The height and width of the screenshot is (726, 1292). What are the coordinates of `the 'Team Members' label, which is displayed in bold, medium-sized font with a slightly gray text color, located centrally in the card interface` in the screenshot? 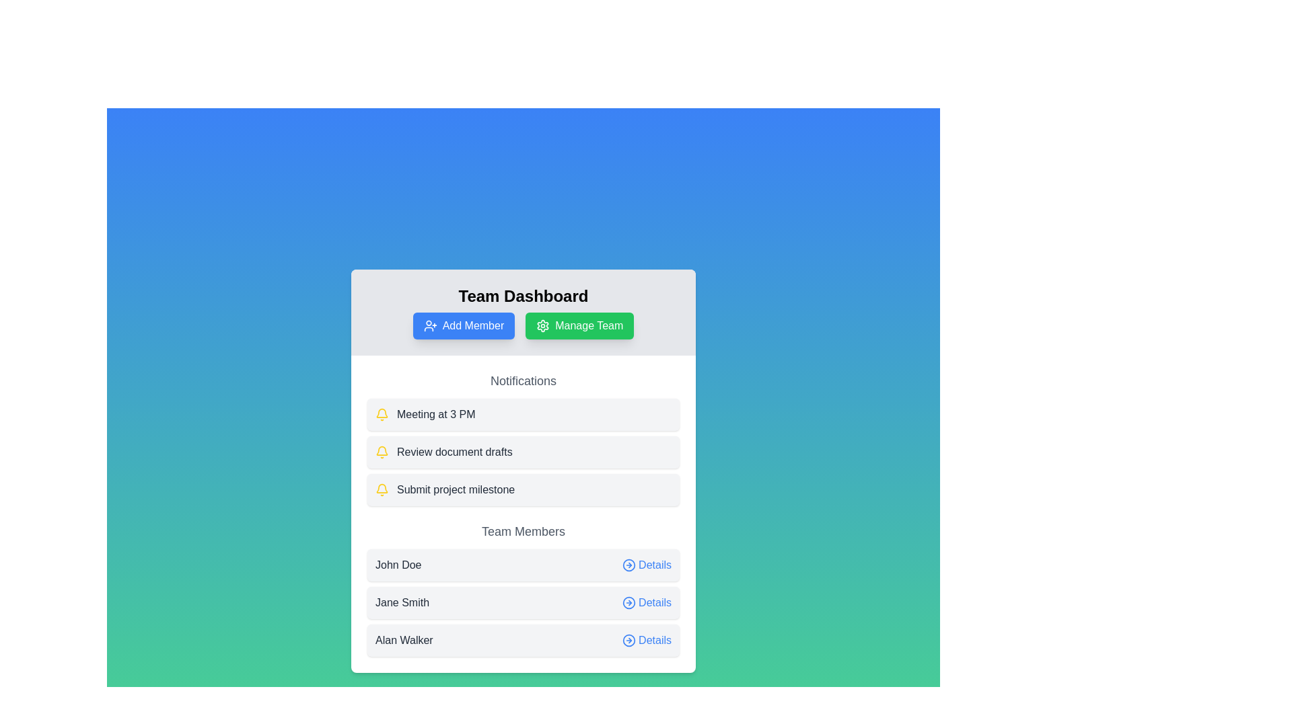 It's located at (522, 530).